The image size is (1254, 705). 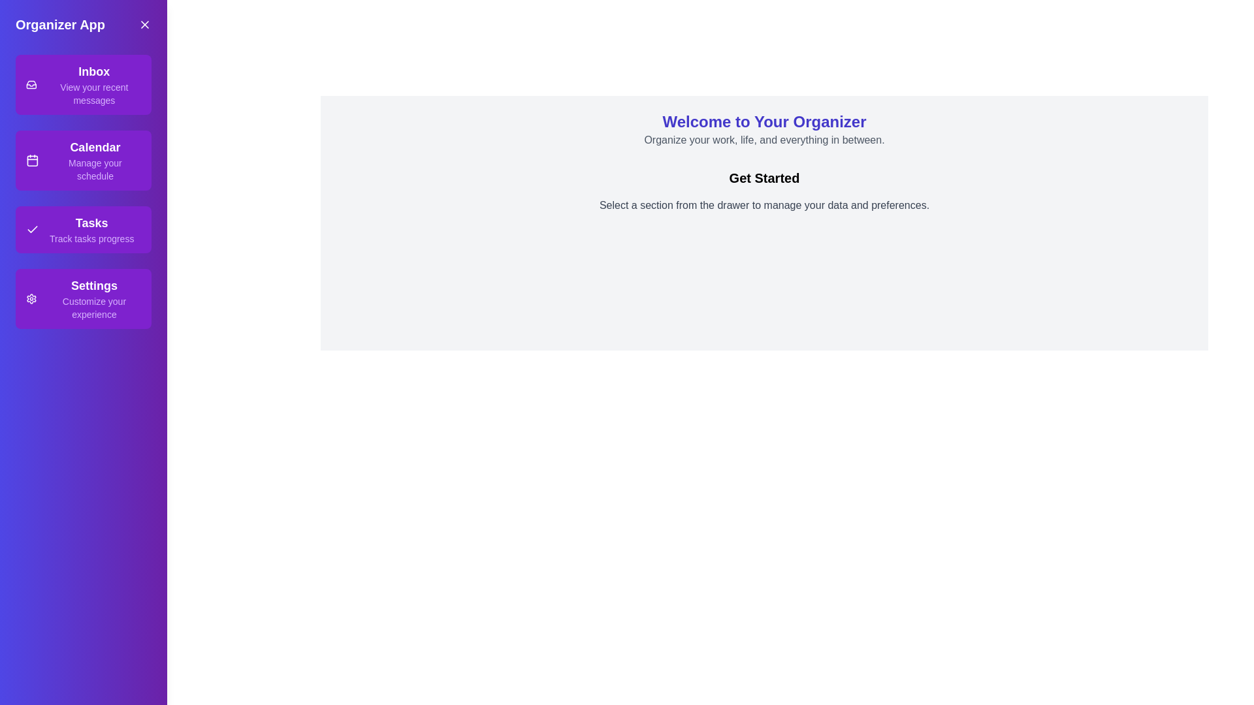 What do you see at coordinates (83, 160) in the screenshot?
I see `the section labeled Calendar in the drawer to observe the visual feedback` at bounding box center [83, 160].